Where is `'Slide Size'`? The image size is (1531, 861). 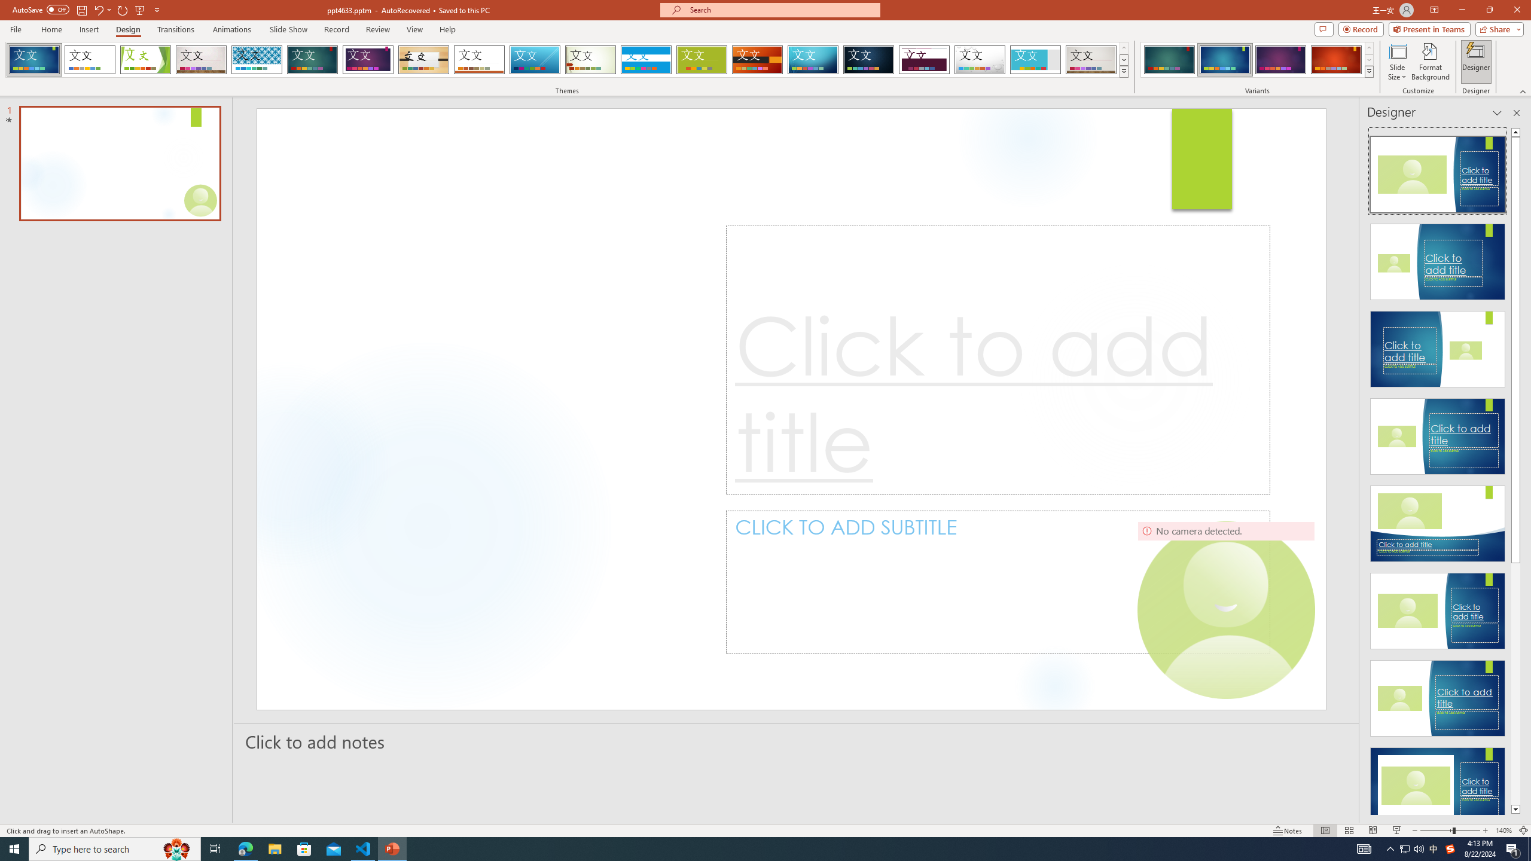
'Slide Size' is located at coordinates (1397, 62).